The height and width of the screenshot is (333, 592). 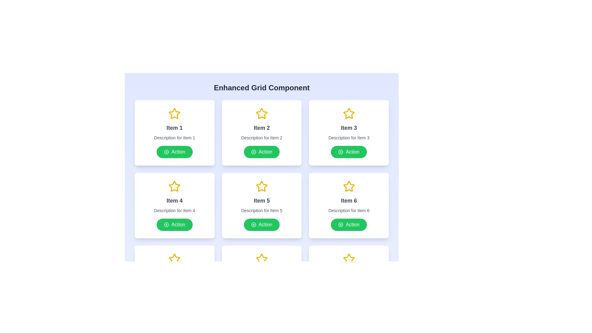 I want to click on the vibrant yellow star icon located at the top center of the card layout, above the 'Item 1' title text, so click(x=174, y=114).